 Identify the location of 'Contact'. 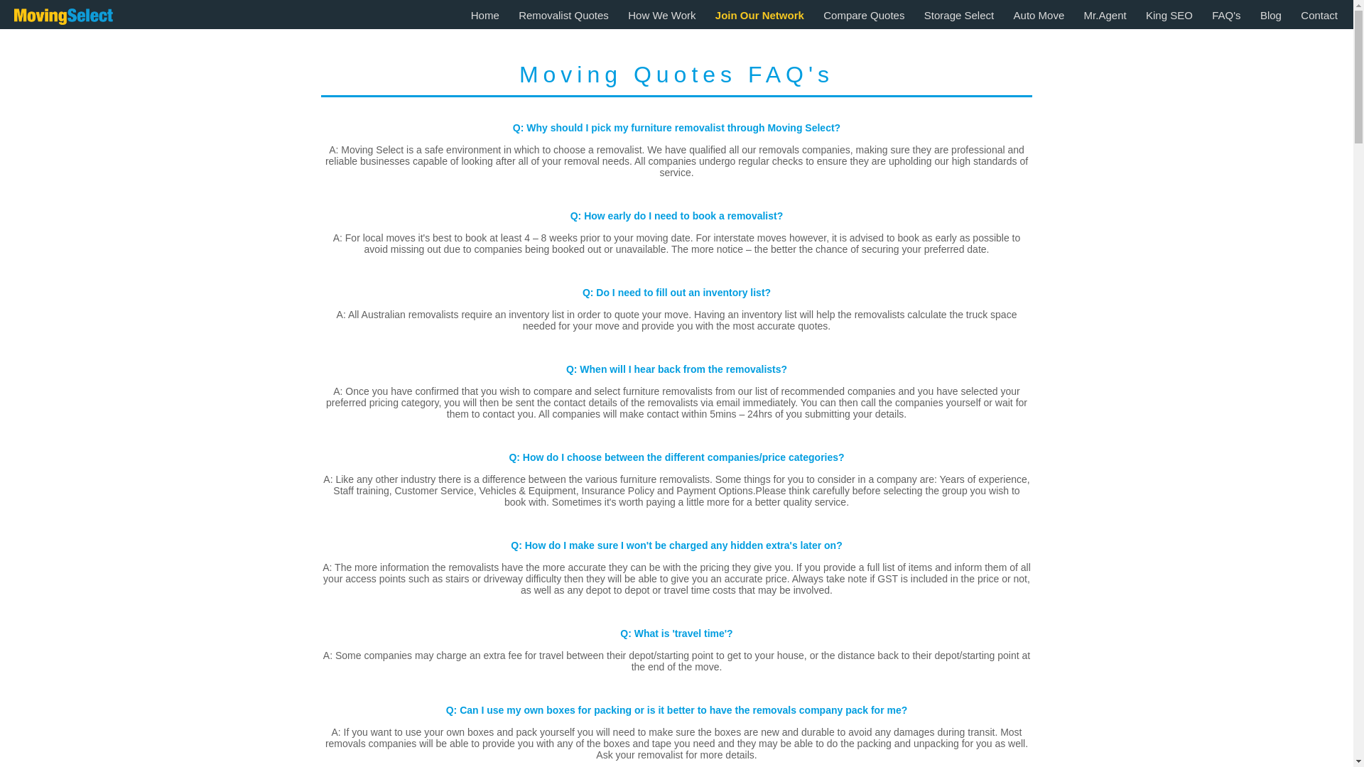
(1319, 15).